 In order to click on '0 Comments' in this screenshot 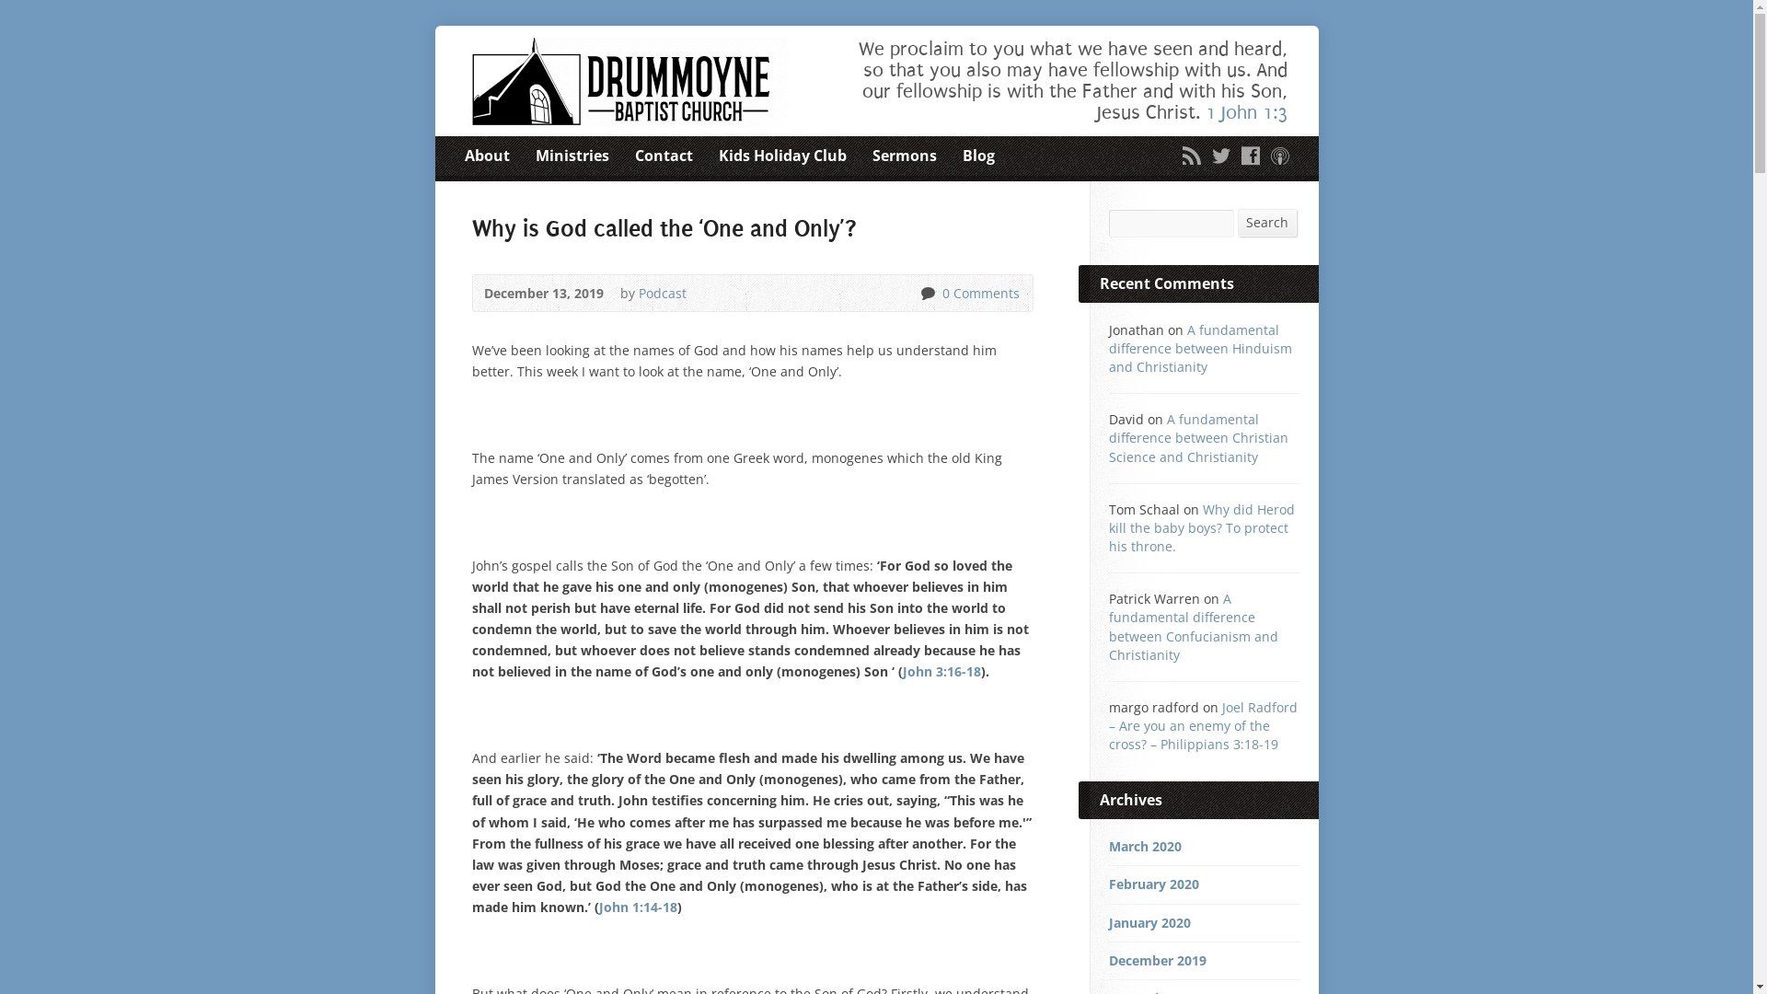, I will do `click(976, 292)`.